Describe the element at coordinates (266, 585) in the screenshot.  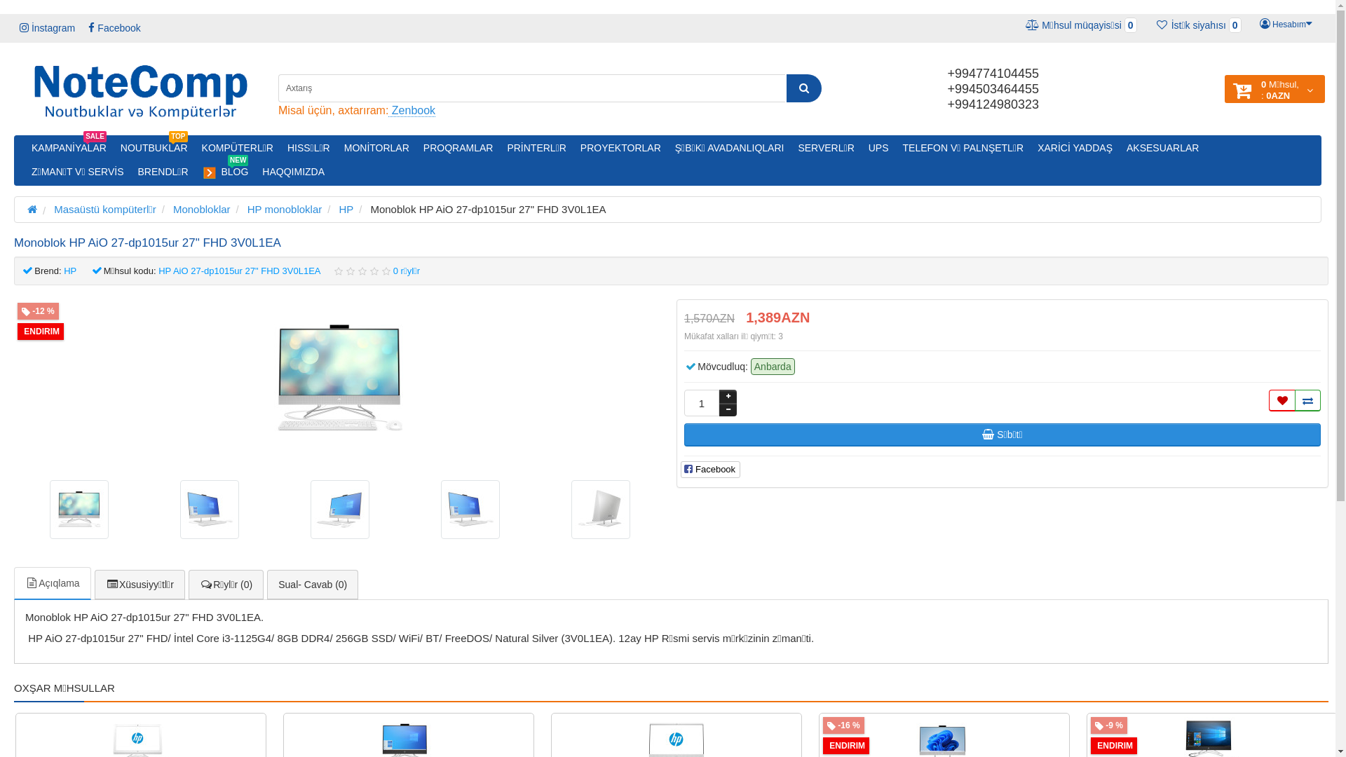
I see `'Sual- Cavab (0)'` at that location.